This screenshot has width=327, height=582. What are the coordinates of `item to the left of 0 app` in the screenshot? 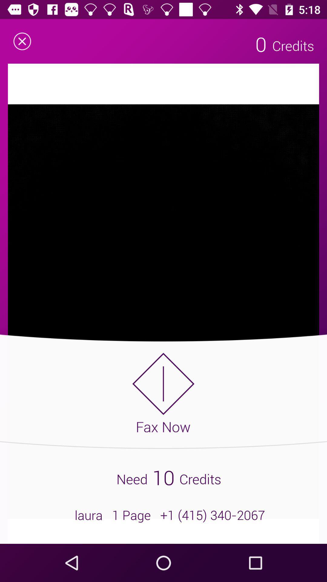 It's located at (22, 41).